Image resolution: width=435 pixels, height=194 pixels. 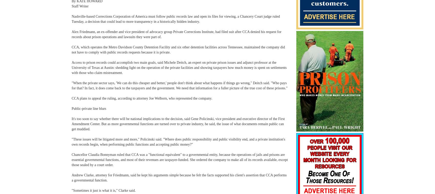 I want to click on '"When the private sector says, 'We can do this cheaper and better,' people don't think about what happens if things go wrong," Deitch said. "Who pays for that? In fact, it does come back to the taxpayers and the government. We need that information for a fuller picture of the true cost of these prisons."', so click(x=179, y=85).